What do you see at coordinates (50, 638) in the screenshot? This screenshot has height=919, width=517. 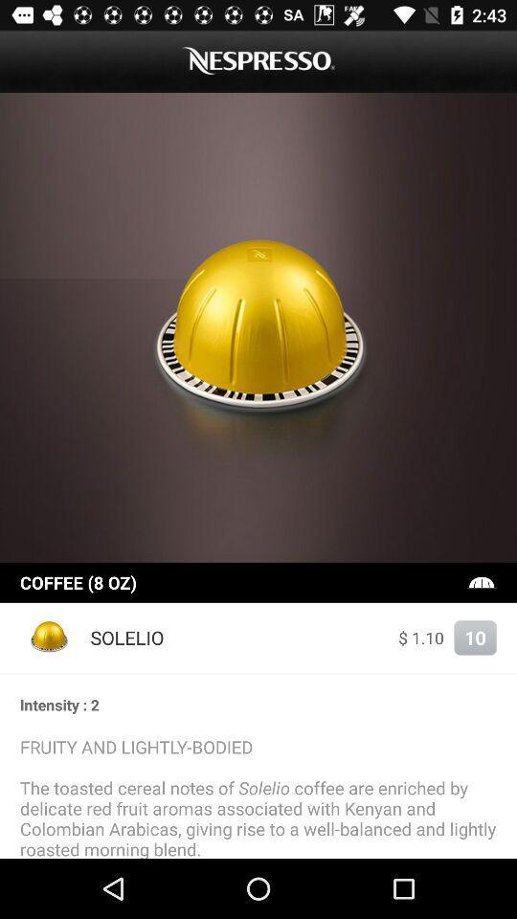 I see `item below coffee (8 oz)` at bounding box center [50, 638].